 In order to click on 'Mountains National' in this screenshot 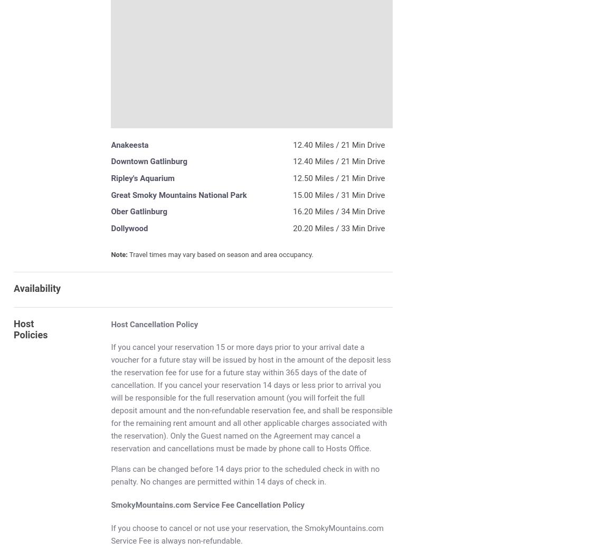, I will do `click(194, 194)`.